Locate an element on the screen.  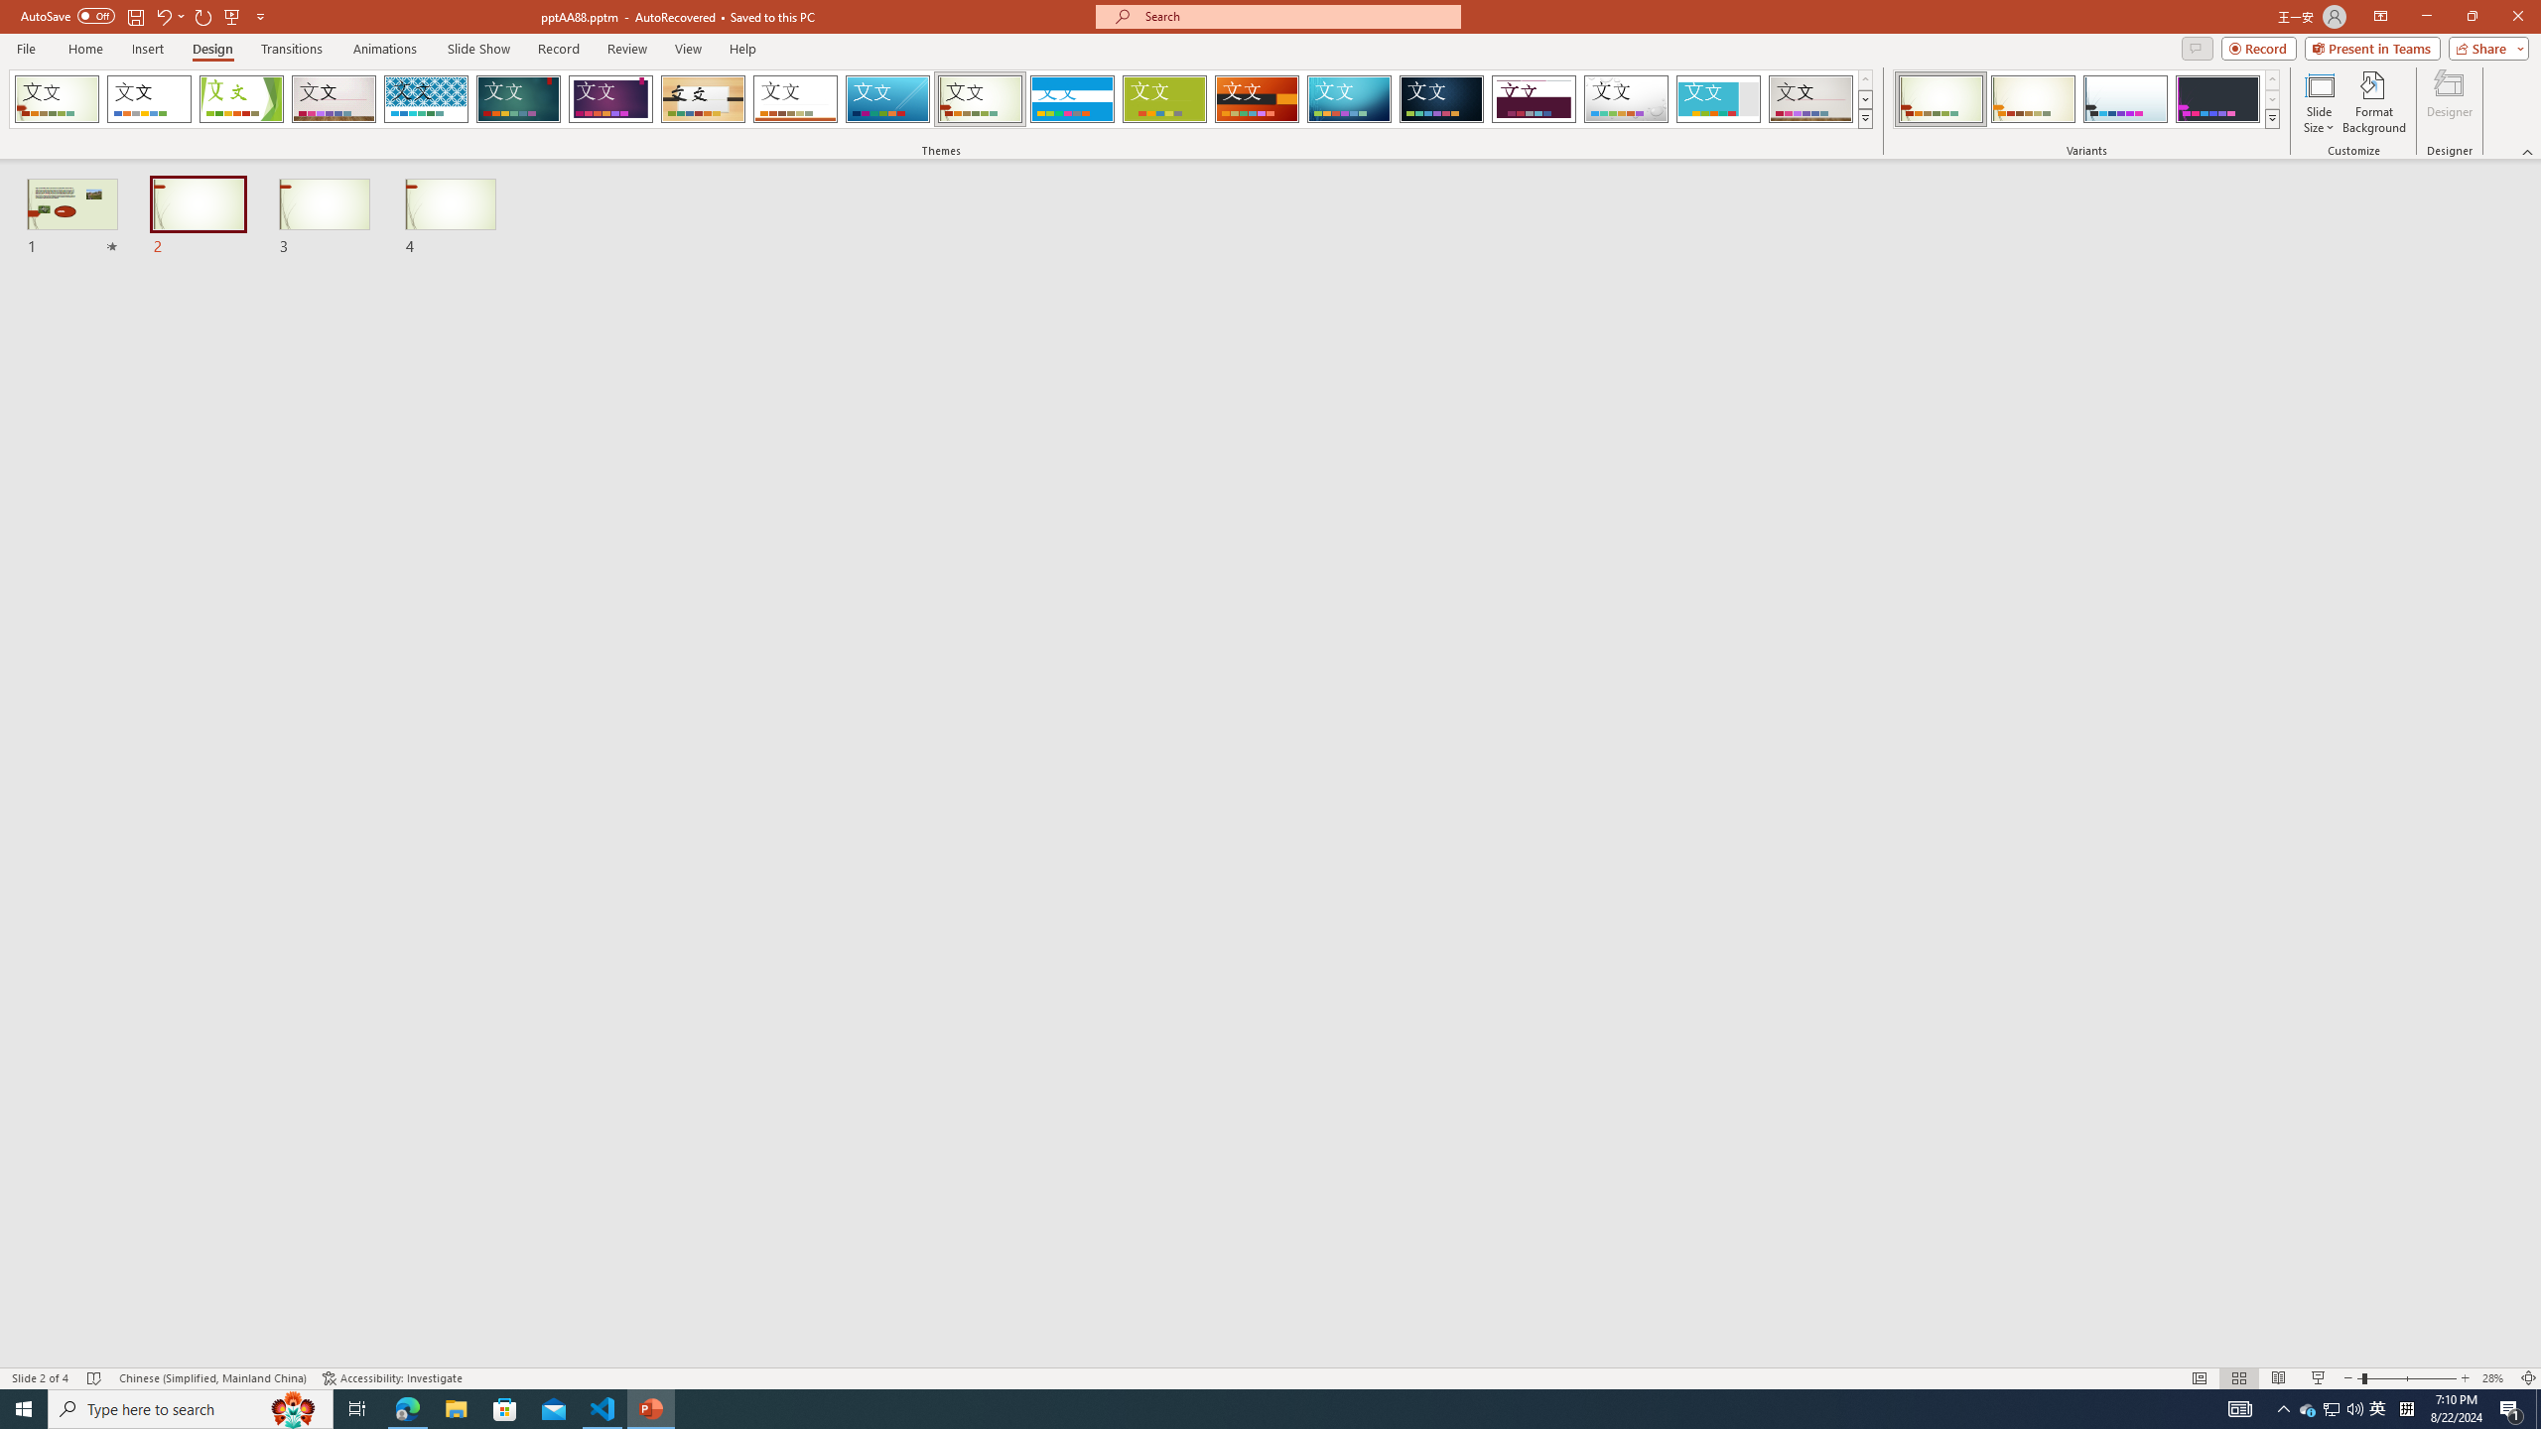
'Frame Loading Preview...' is located at coordinates (1718, 98).